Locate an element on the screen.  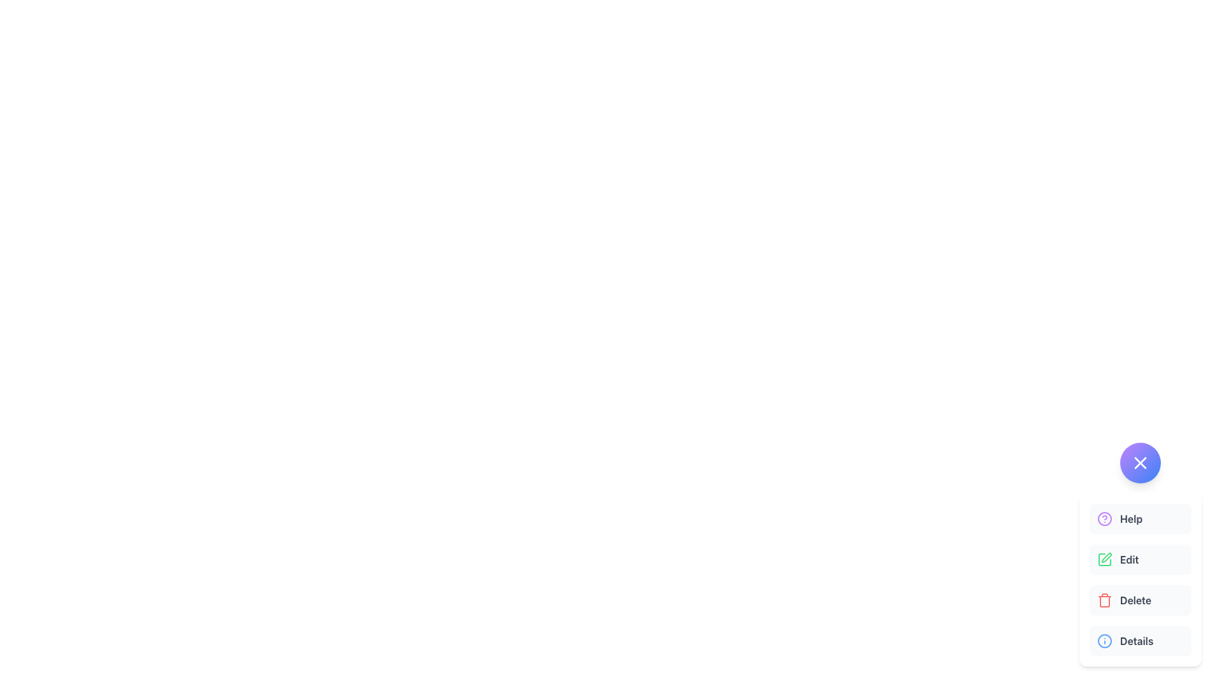
the 'Help' button, which features a question mark icon in purple and is the first option in a vertical list of interactive options is located at coordinates (1140, 519).